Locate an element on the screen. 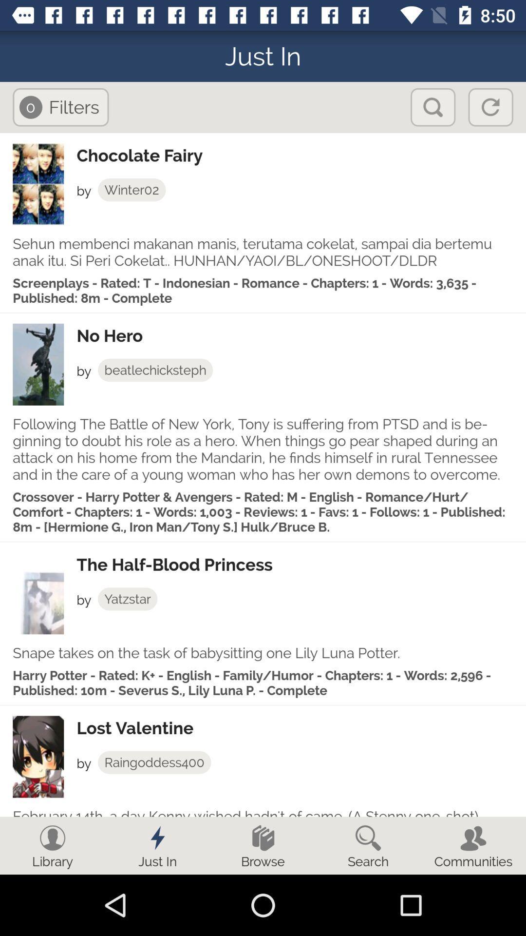  item next to by is located at coordinates (127, 598).